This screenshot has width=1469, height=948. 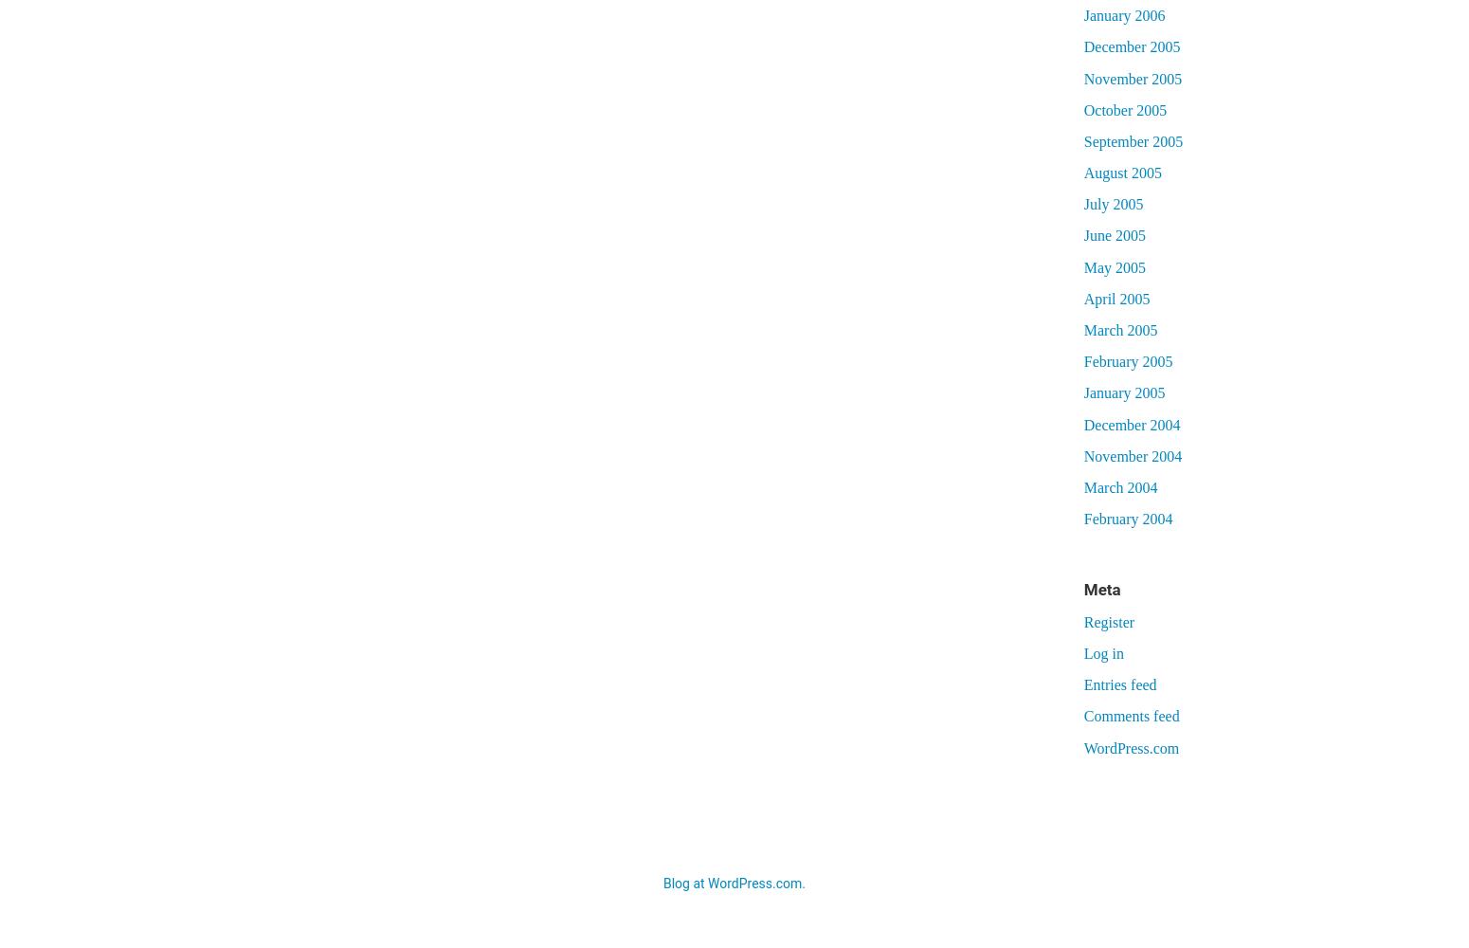 I want to click on 'Comments feed', so click(x=1131, y=716).